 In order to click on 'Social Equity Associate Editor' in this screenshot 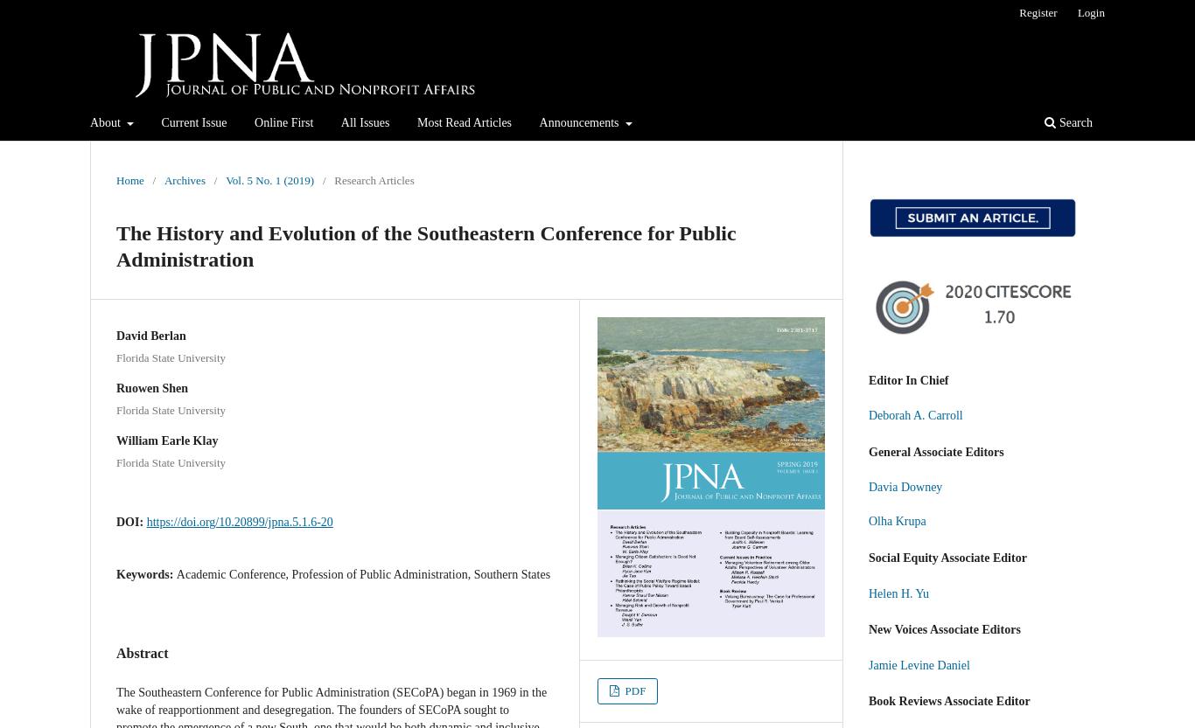, I will do `click(946, 557)`.